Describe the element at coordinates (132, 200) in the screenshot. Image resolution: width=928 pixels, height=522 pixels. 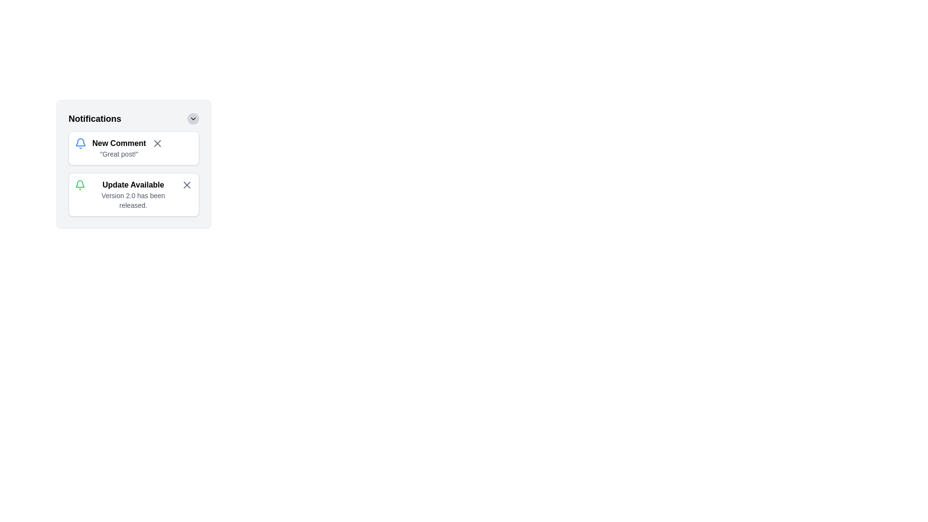
I see `text displaying 'Version 2.0 has been released.' located beneath the bold 'Update Available' heading within the notification card` at that location.